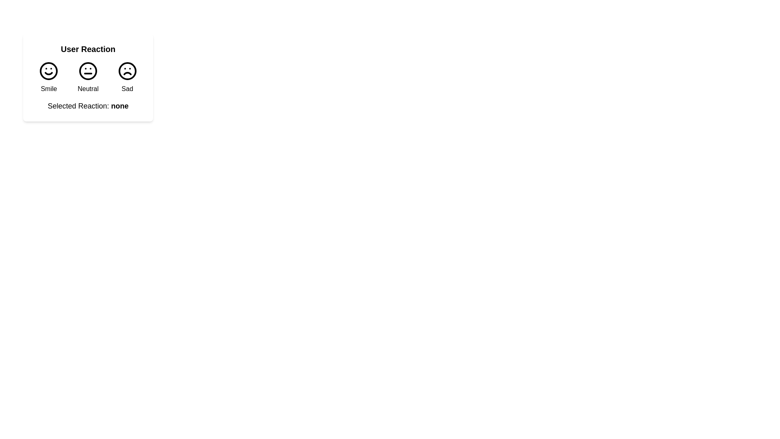  What do you see at coordinates (88, 78) in the screenshot?
I see `the 'User Reaction' interactive UI group` at bounding box center [88, 78].